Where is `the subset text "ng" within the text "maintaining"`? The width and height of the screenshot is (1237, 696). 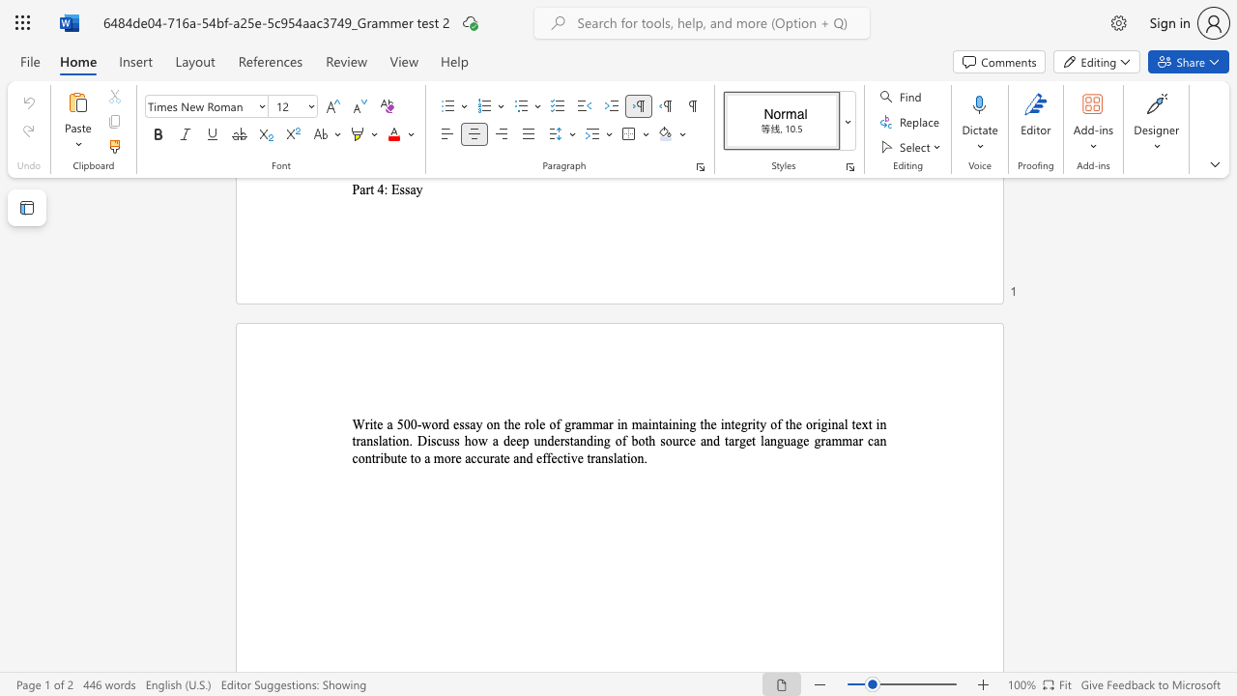 the subset text "ng" within the text "maintaining" is located at coordinates (682, 423).